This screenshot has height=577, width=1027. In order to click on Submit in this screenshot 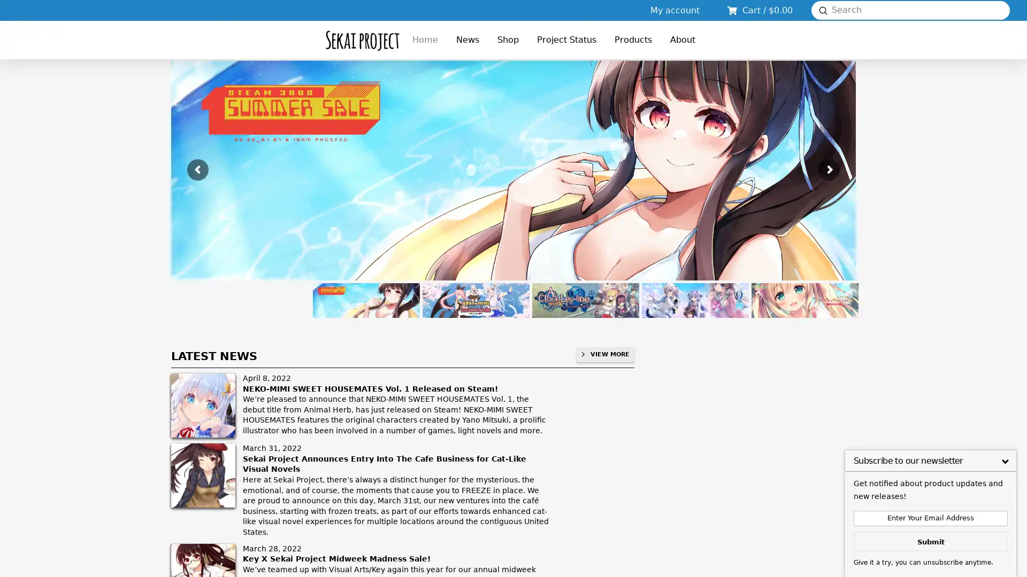, I will do `click(823, 10)`.